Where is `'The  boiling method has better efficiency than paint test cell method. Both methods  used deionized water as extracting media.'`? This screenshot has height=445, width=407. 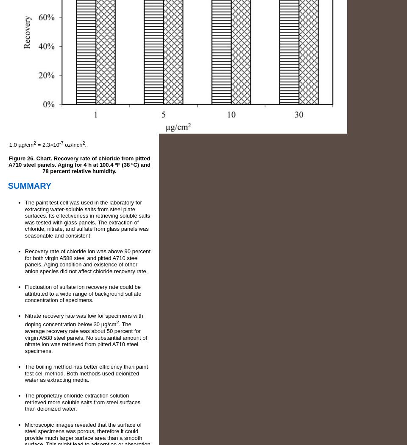 'The  boiling method has better efficiency than paint test cell method. Both methods  used deionized water as extracting media.' is located at coordinates (24, 373).